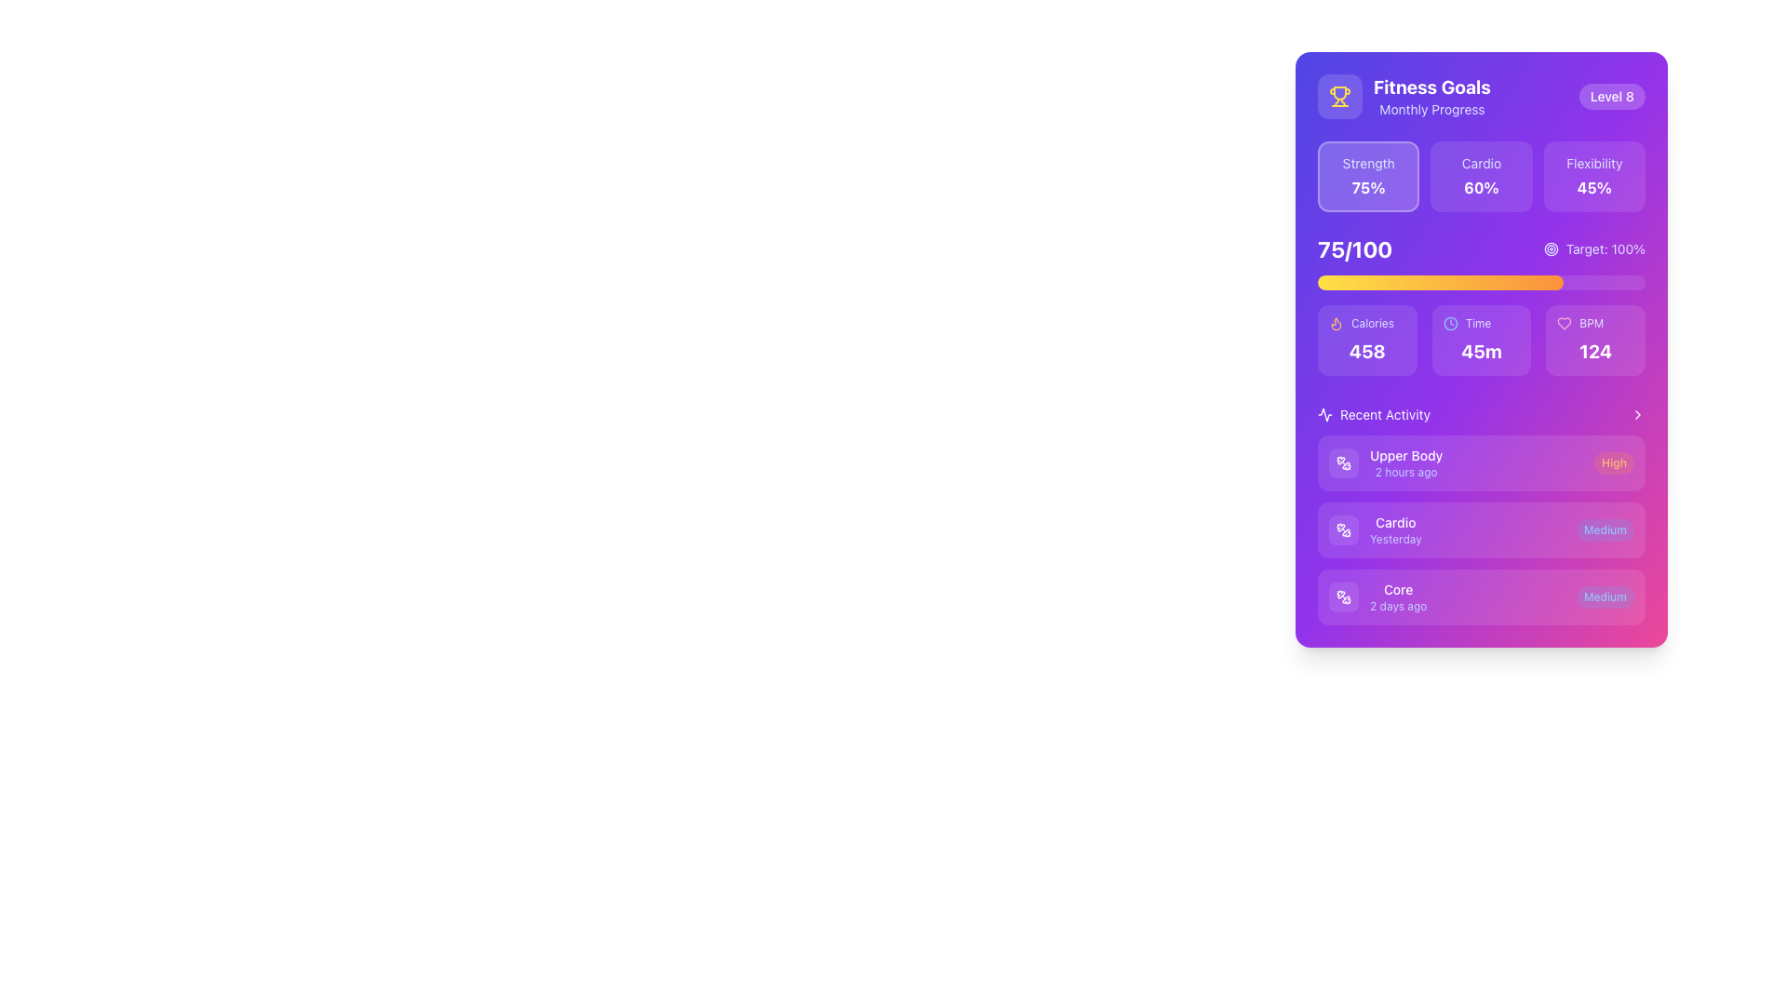 The height and width of the screenshot is (1005, 1787). What do you see at coordinates (1385, 414) in the screenshot?
I see `the Text Label that serves as a non-interactive title for the recent activities section, located in the purple sidebar interface` at bounding box center [1385, 414].